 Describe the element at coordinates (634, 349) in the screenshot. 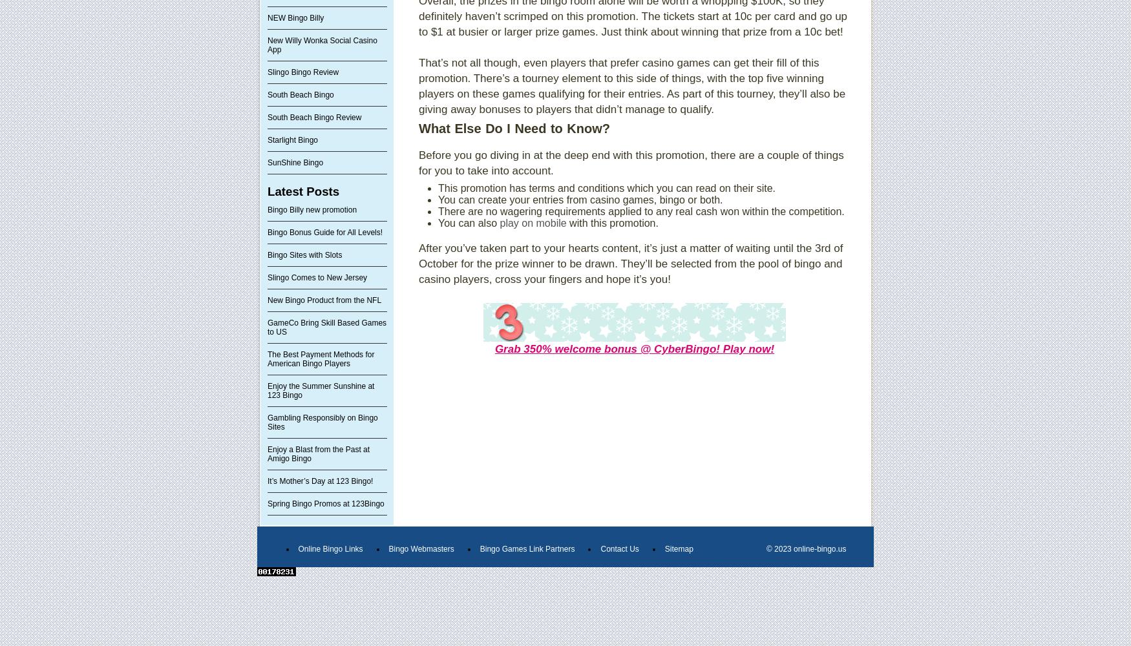

I see `'Grab 350% welcome bonus @ CyberBingo! Play now!'` at that location.